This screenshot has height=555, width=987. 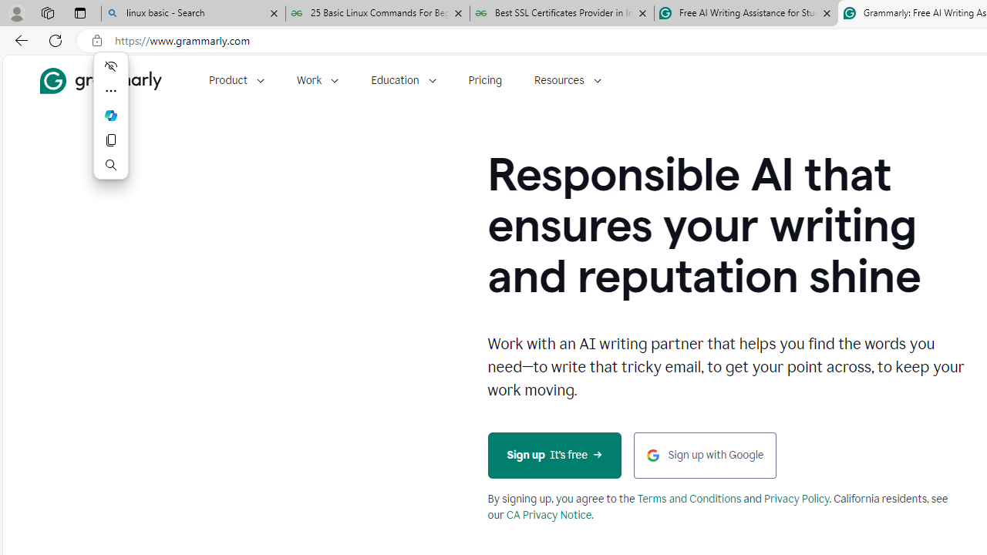 What do you see at coordinates (110, 140) in the screenshot?
I see `'Copy'` at bounding box center [110, 140].